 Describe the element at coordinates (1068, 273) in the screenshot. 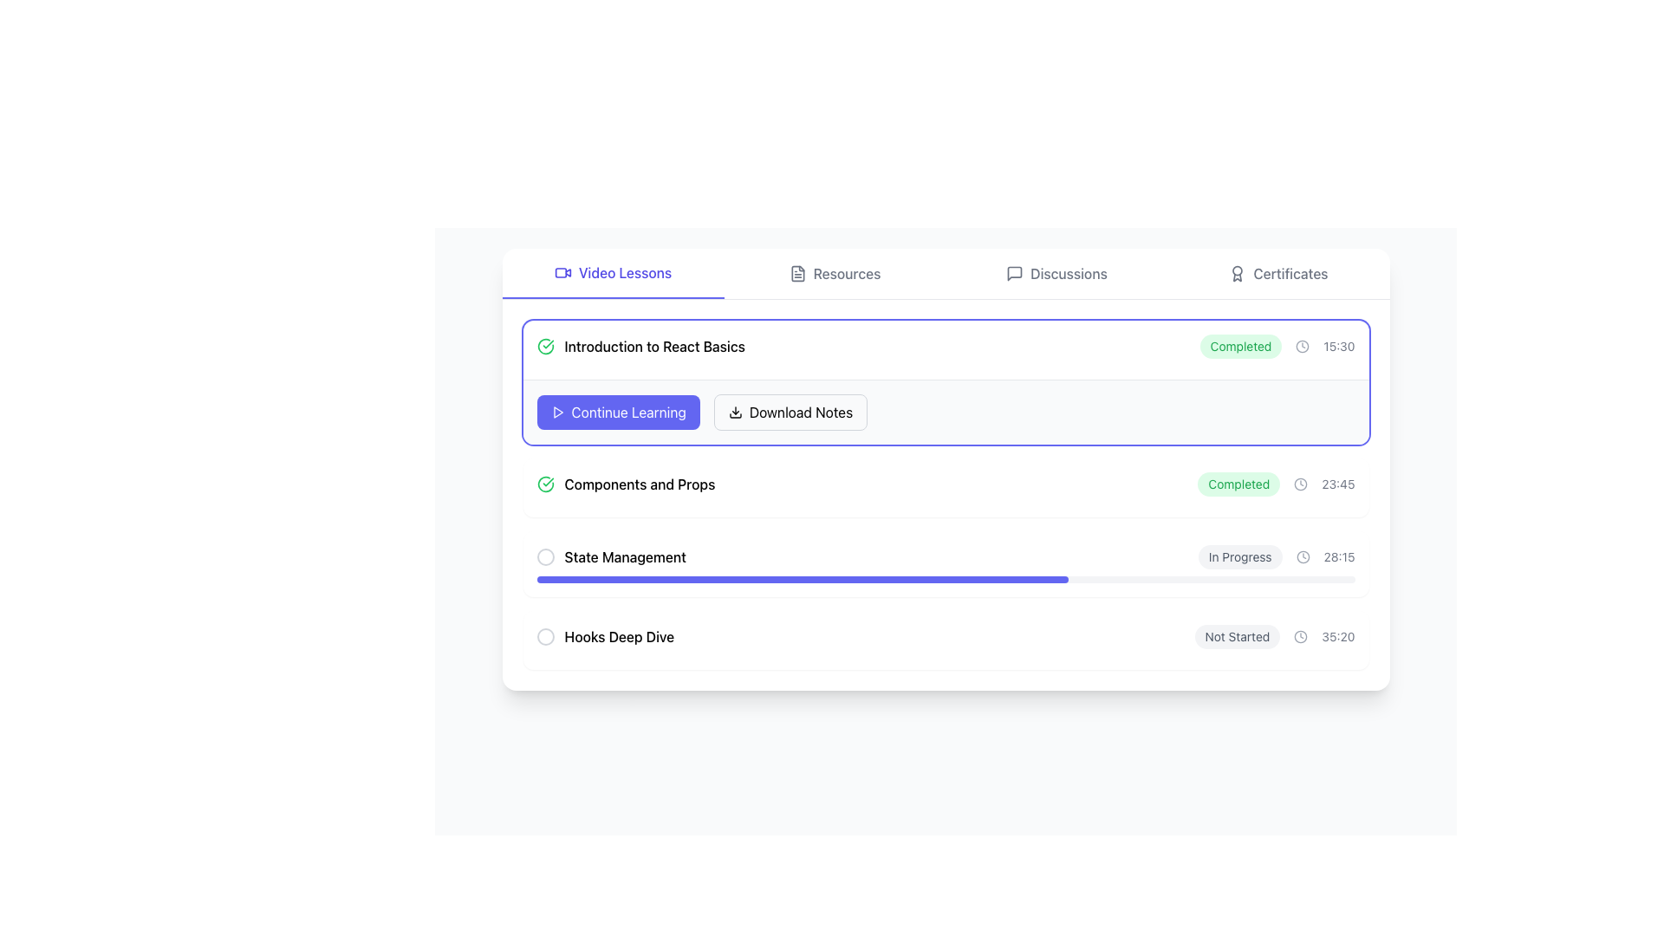

I see `the 'Discussions' text label in the top navigation bar` at that location.